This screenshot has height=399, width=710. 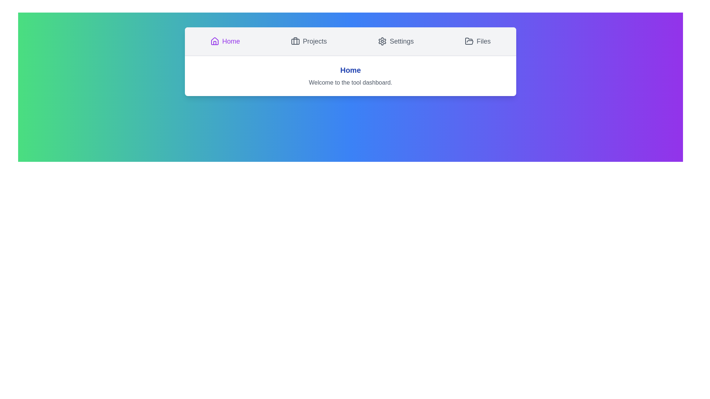 What do you see at coordinates (225, 41) in the screenshot?
I see `the Home button to observe its hover effect` at bounding box center [225, 41].